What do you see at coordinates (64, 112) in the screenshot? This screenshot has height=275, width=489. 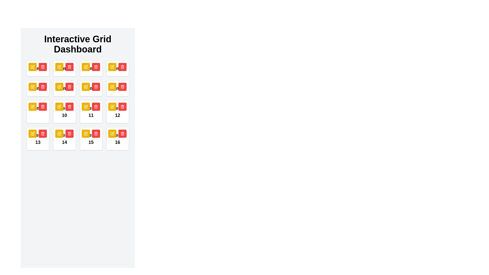 I see `the text label displaying 'Item 10' which is bold and centered within a white, rounded rectangle` at bounding box center [64, 112].